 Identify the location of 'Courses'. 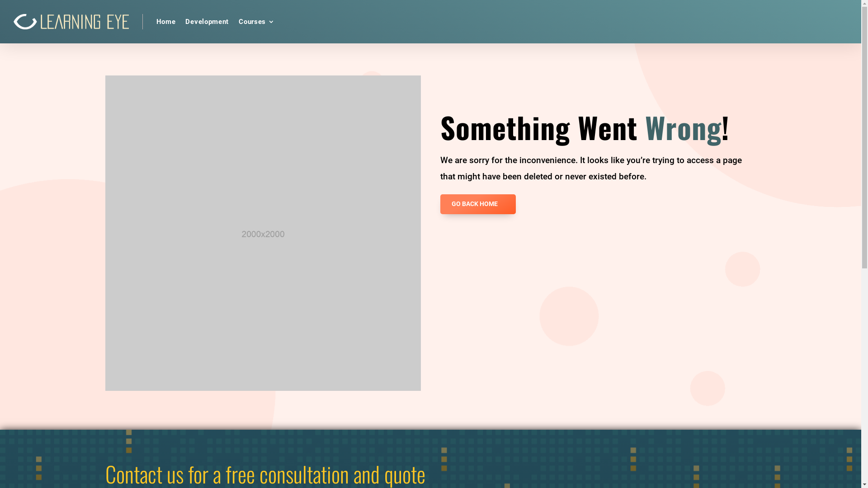
(256, 21).